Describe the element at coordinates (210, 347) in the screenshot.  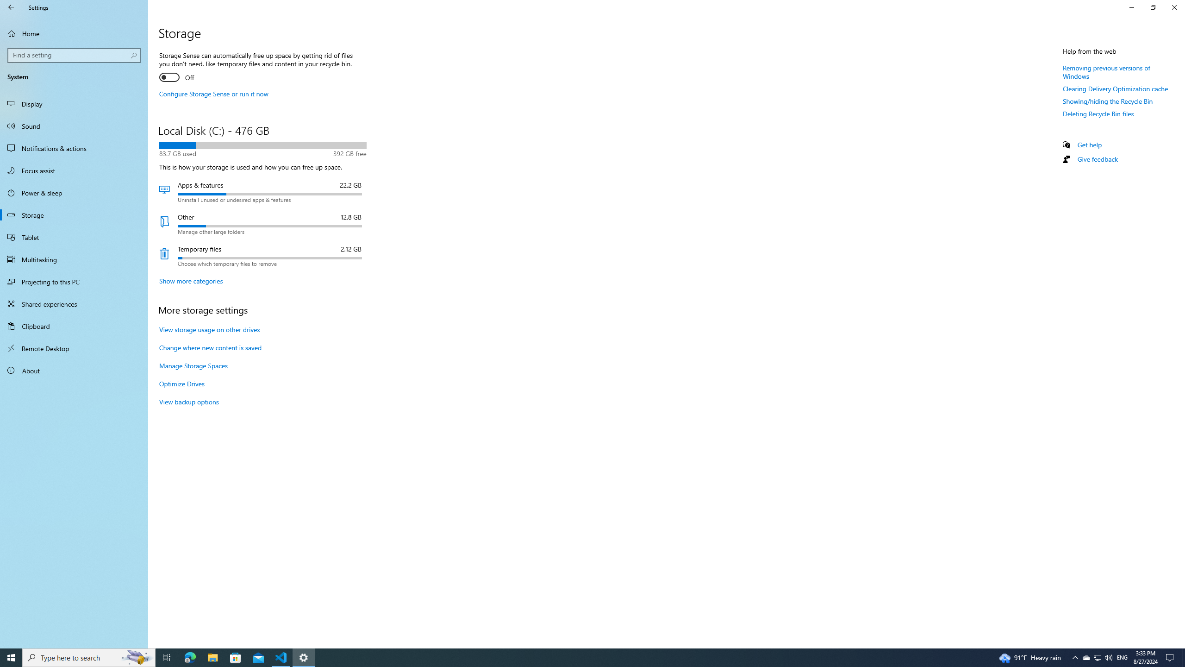
I see `'Change where new content is saved'` at that location.